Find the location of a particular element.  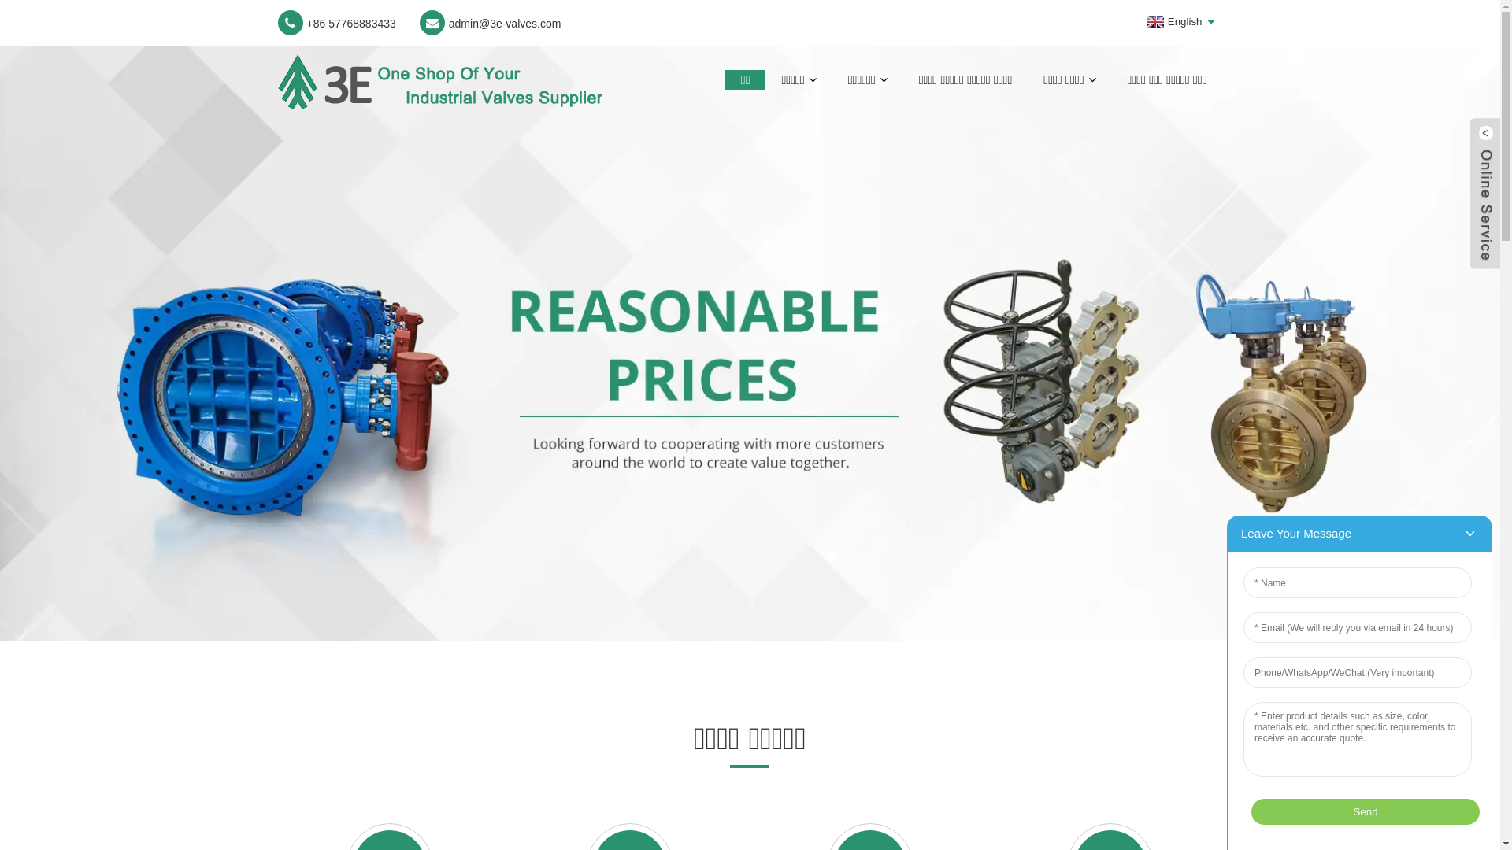

'admin@3e-valves.com' is located at coordinates (490, 23).